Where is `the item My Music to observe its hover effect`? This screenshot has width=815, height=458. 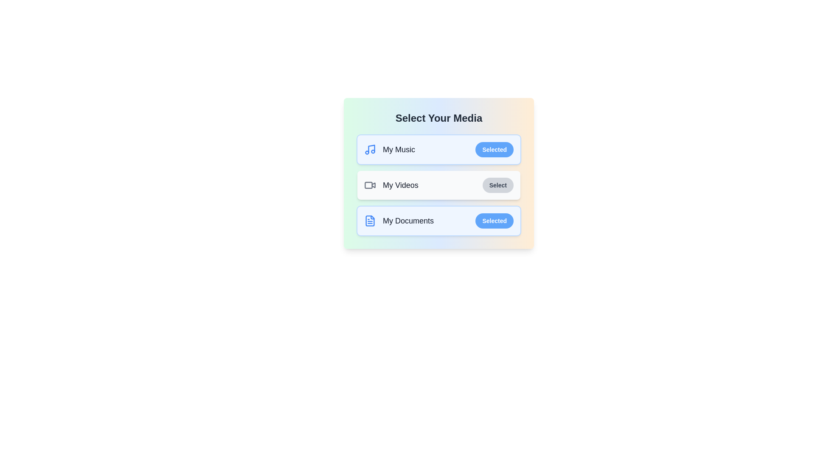 the item My Music to observe its hover effect is located at coordinates (438, 149).